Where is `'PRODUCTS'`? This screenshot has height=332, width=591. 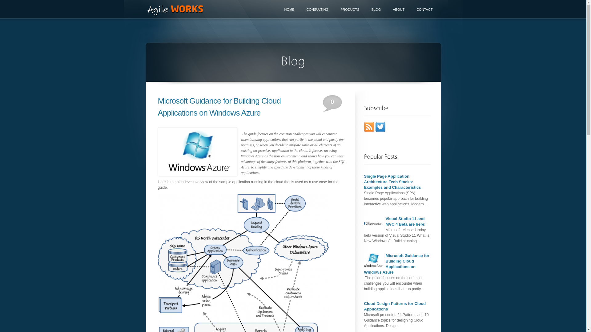 'PRODUCTS' is located at coordinates (350, 10).